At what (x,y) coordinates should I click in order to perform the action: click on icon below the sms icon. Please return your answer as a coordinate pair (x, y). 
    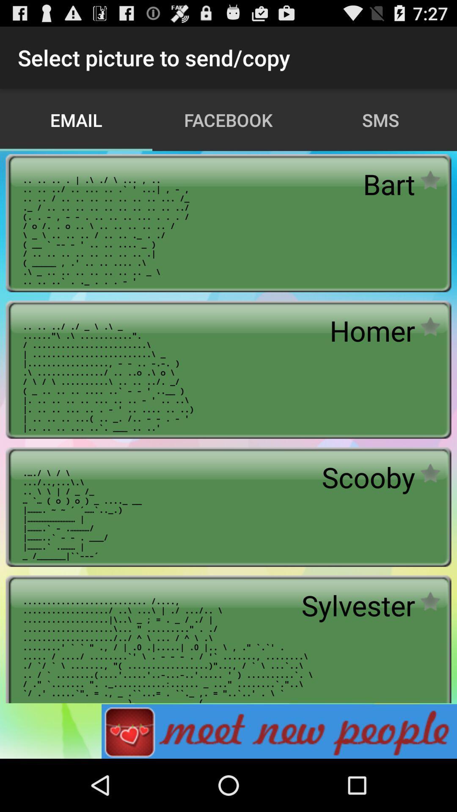
    Looking at the image, I should click on (389, 184).